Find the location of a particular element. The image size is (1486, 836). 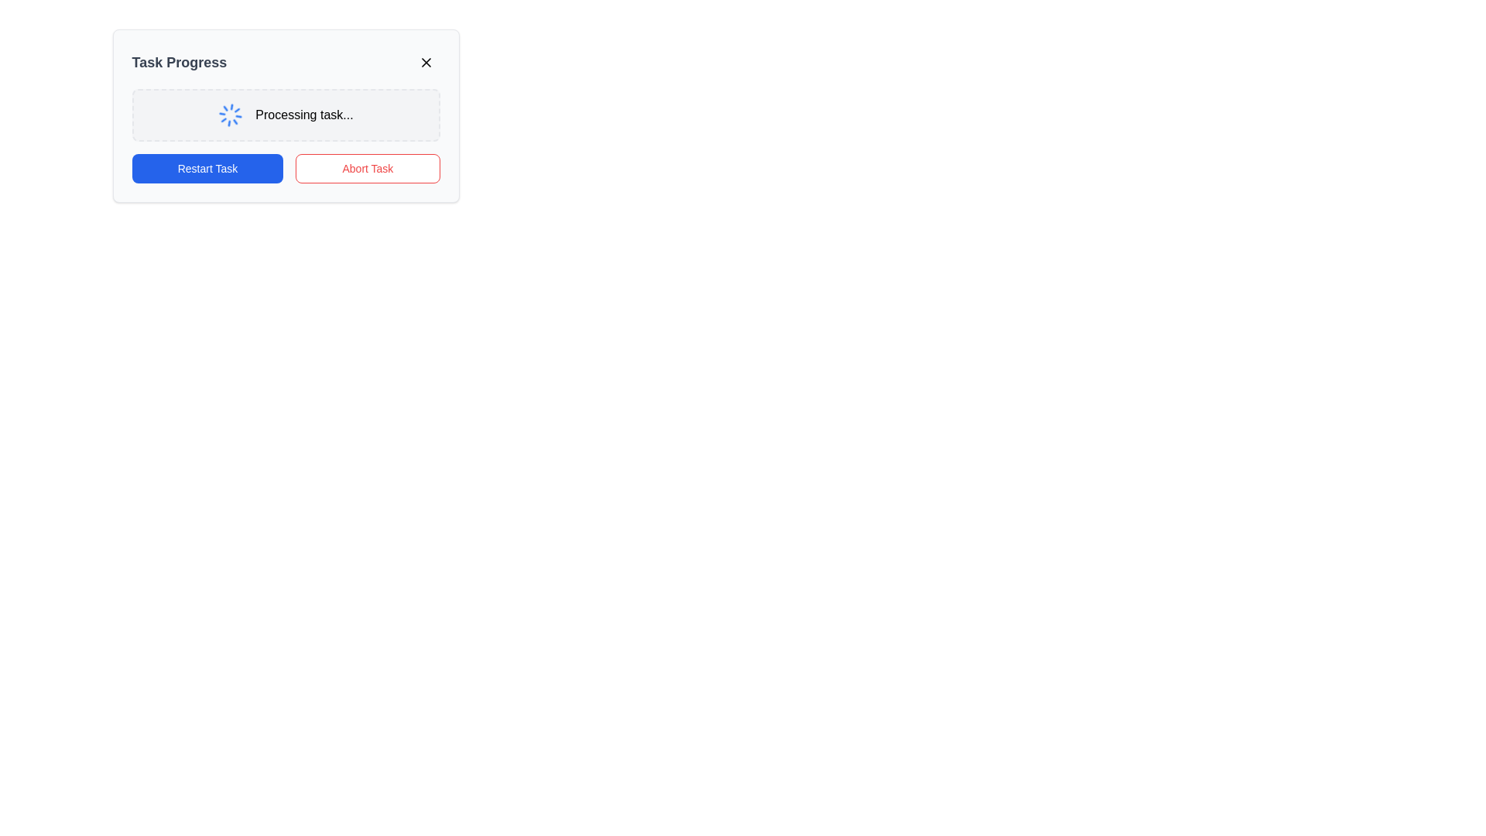

the close button, which is a small, rounded button with a prominent 'X' icon located at the upper right corner of the 'Task Progress' section is located at coordinates (426, 62).